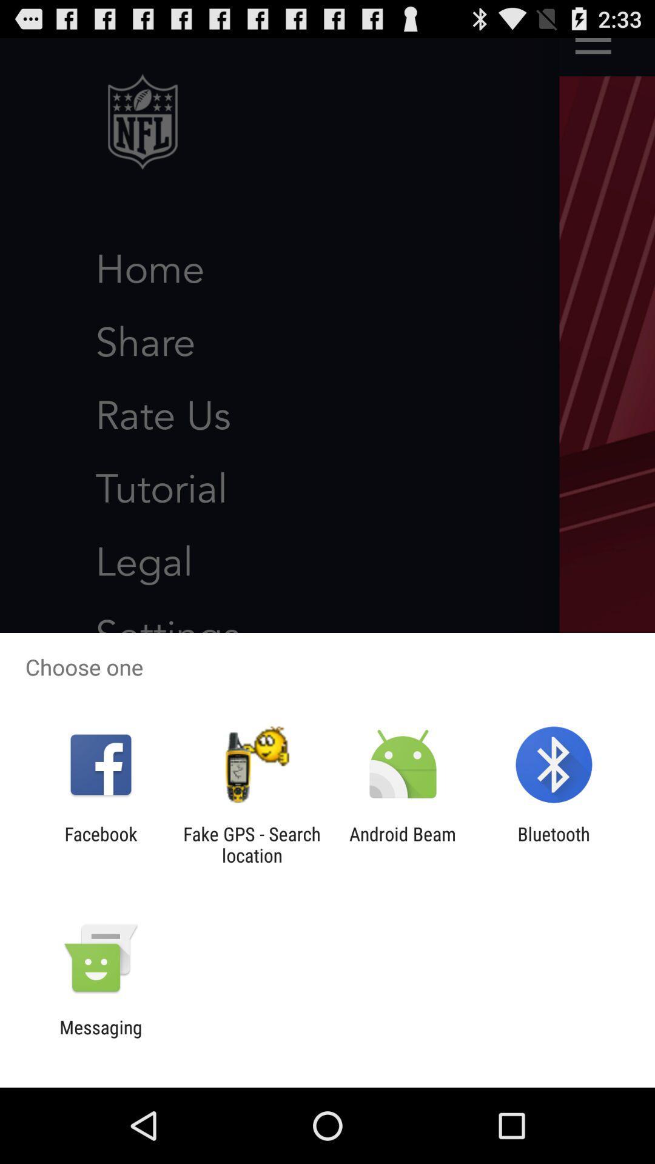  What do you see at coordinates (100, 844) in the screenshot?
I see `facebook` at bounding box center [100, 844].